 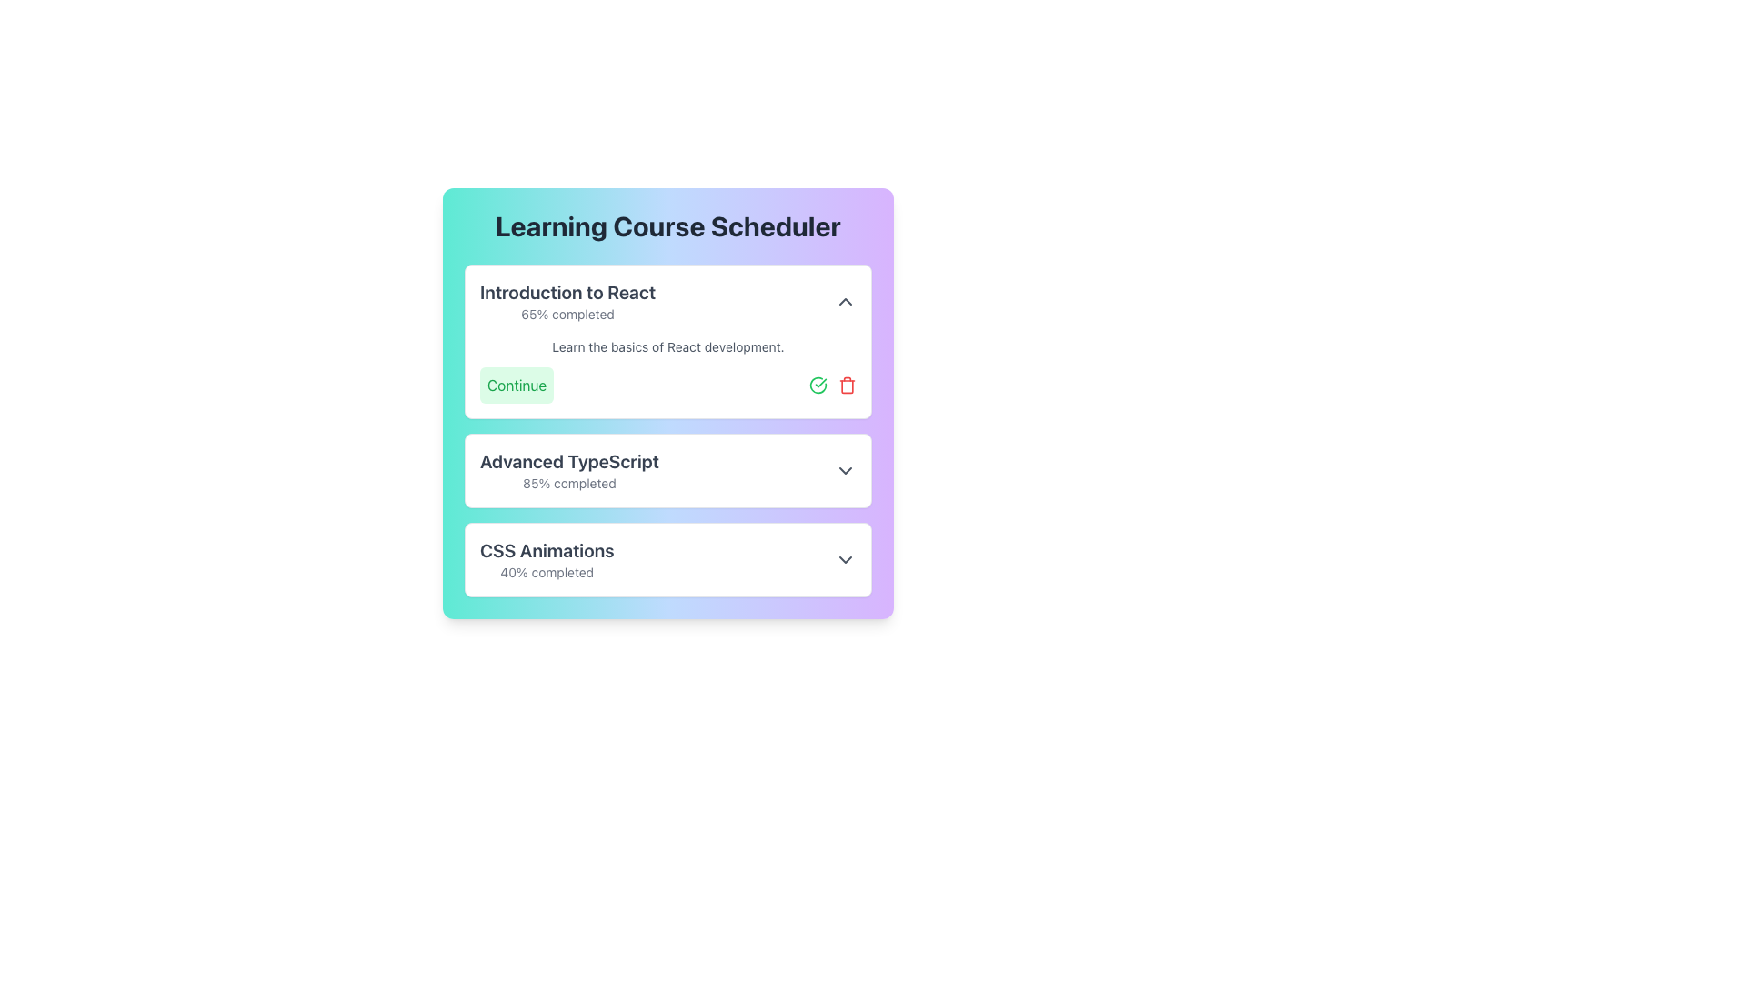 What do you see at coordinates (546, 571) in the screenshot?
I see `displayed text from the progress label indicating the completion percentage of the 'CSS Animations' module, which is located at the bottom of the content area for this section` at bounding box center [546, 571].